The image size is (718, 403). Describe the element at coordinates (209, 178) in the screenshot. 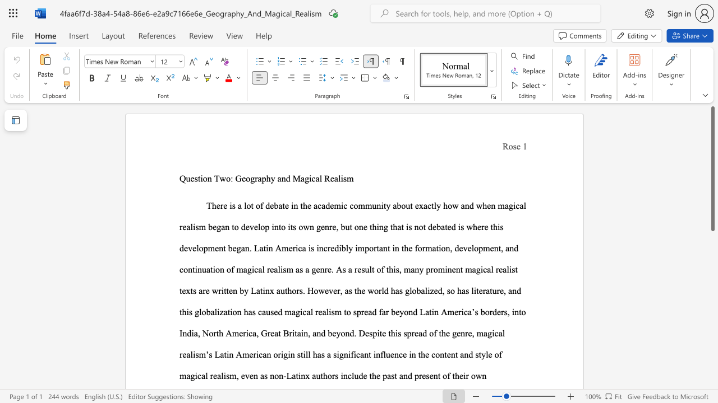

I see `the 1th character "n" in the text` at that location.